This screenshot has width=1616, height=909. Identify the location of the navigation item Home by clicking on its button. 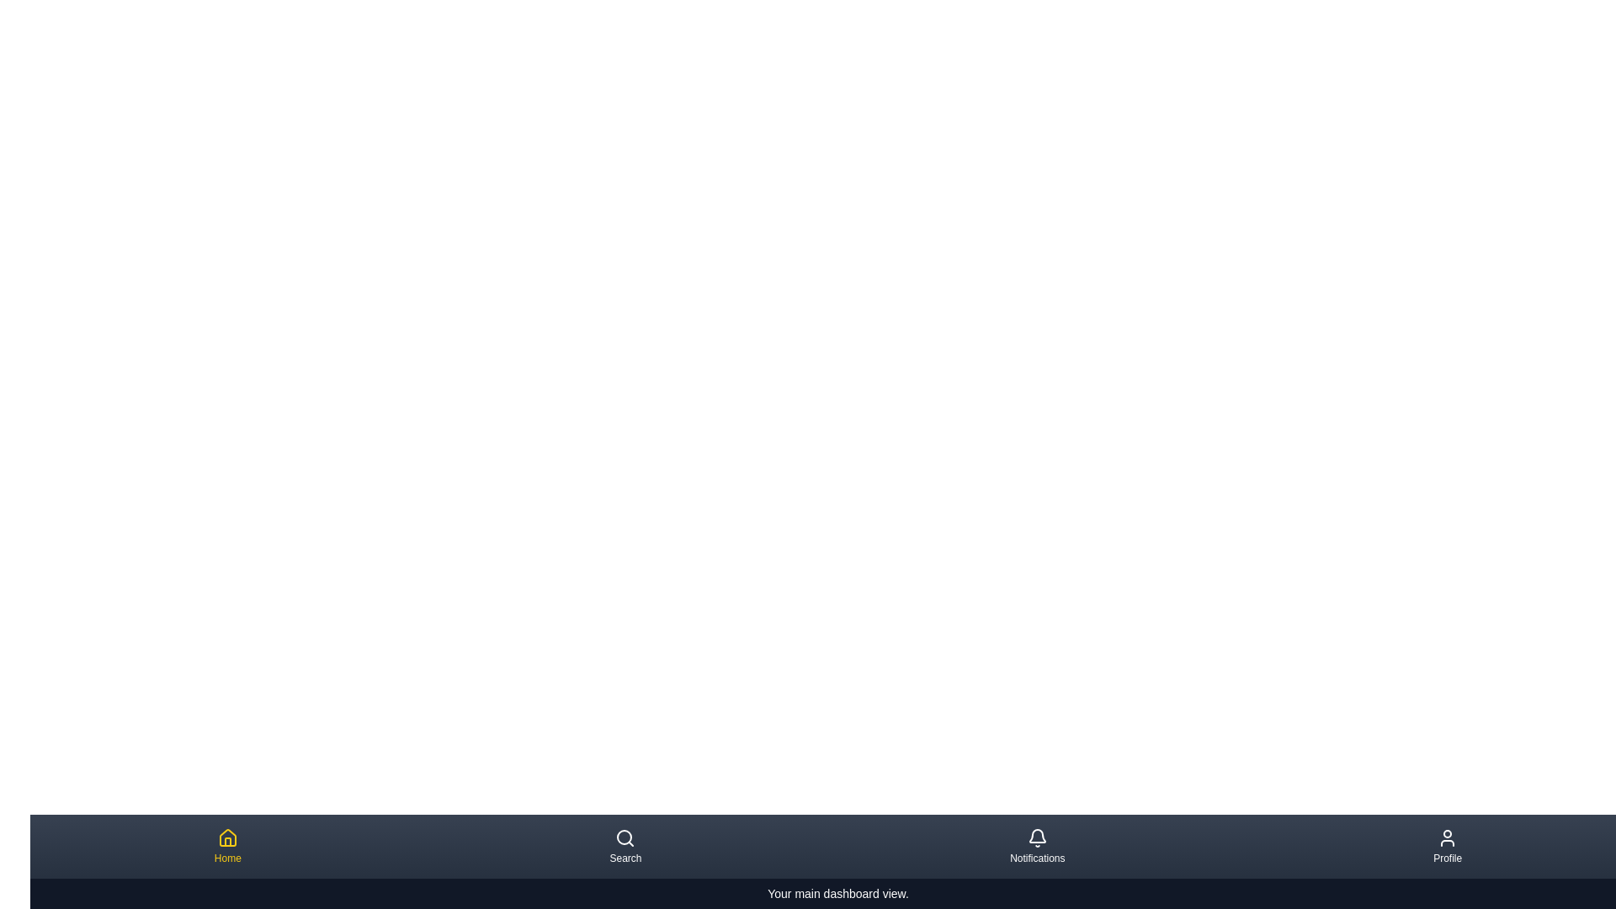
(226, 847).